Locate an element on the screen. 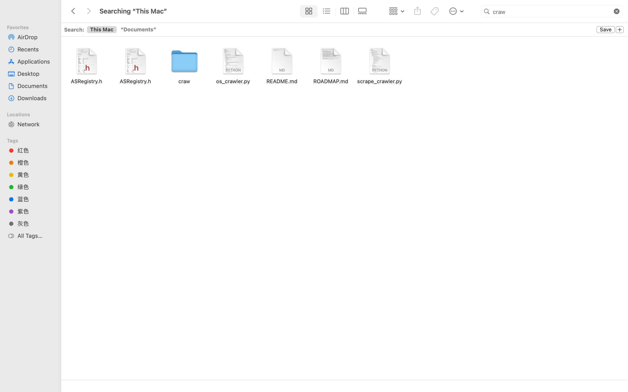 The image size is (628, 392). 'Favorites' is located at coordinates (32, 26).